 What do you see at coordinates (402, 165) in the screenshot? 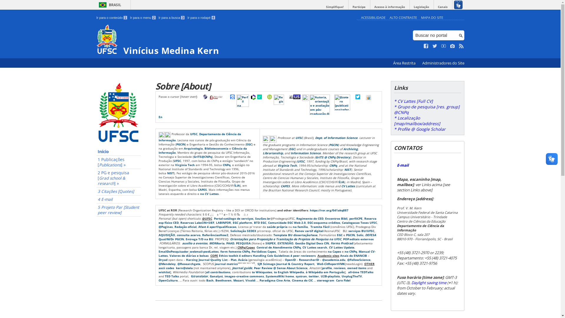
I see `'E-mail'` at bounding box center [402, 165].